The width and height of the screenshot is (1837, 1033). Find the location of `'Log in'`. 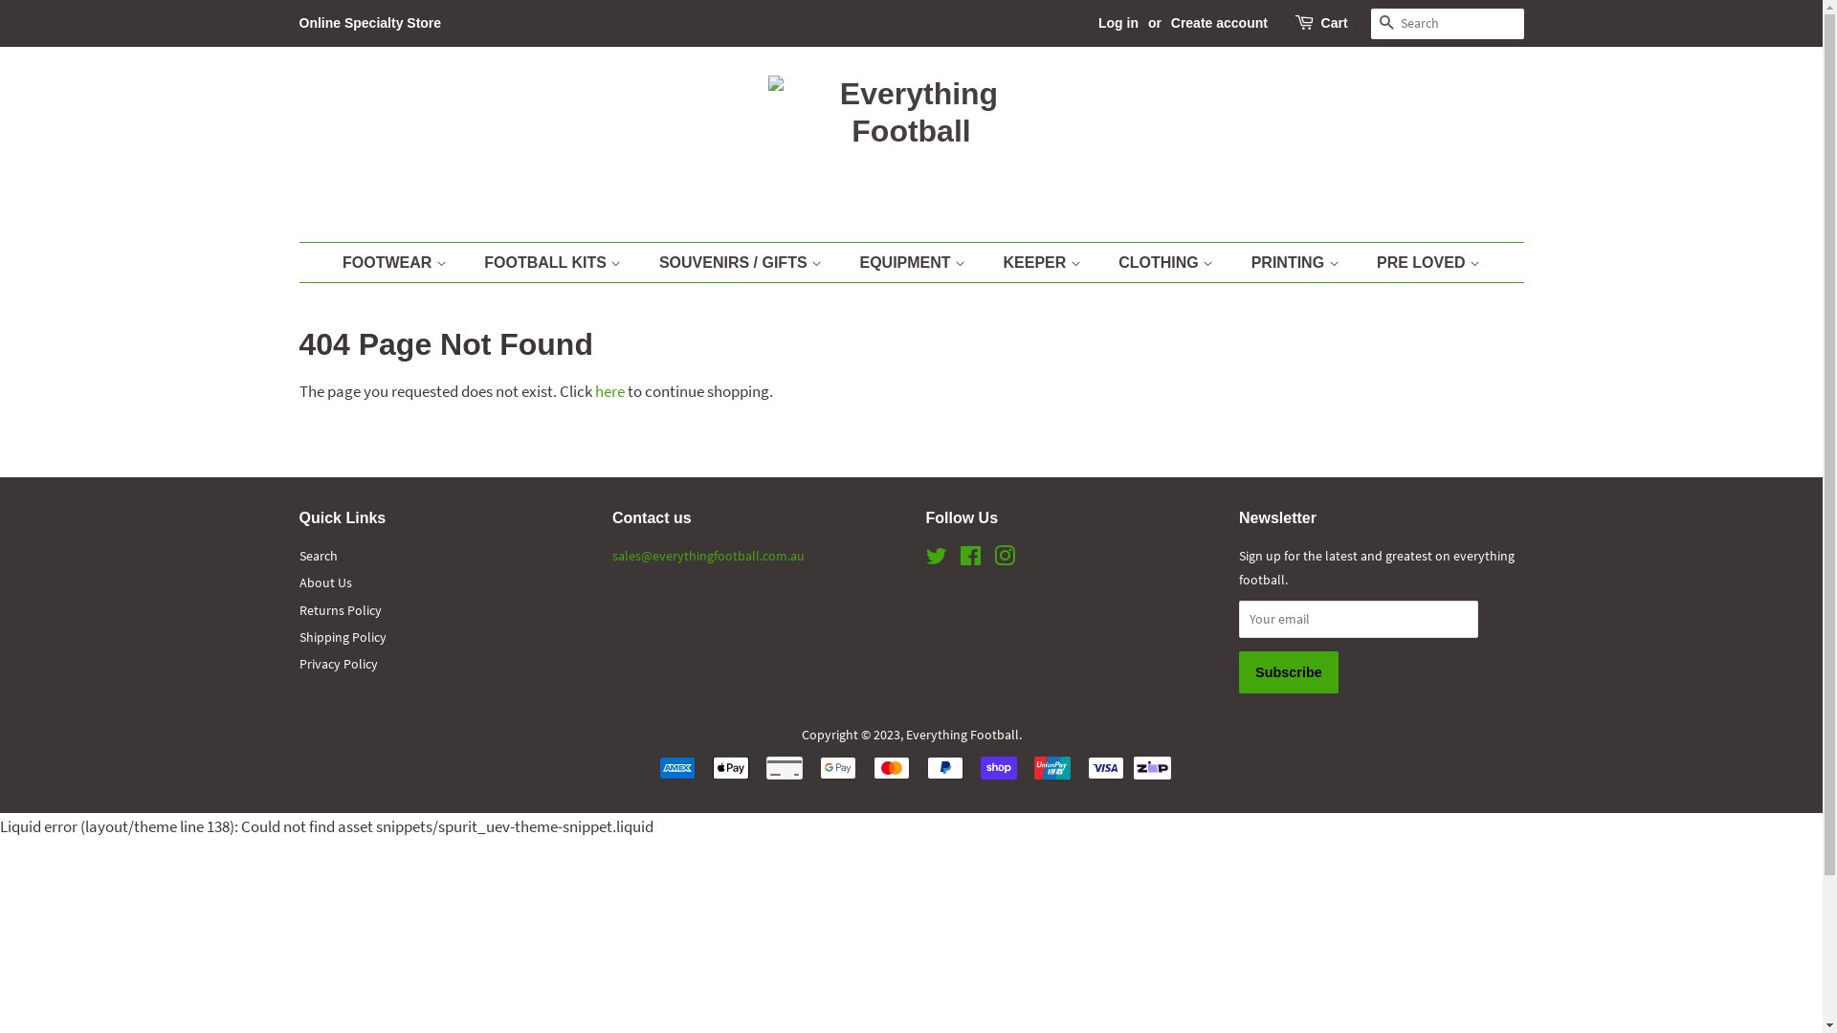

'Log in' is located at coordinates (1097, 22).